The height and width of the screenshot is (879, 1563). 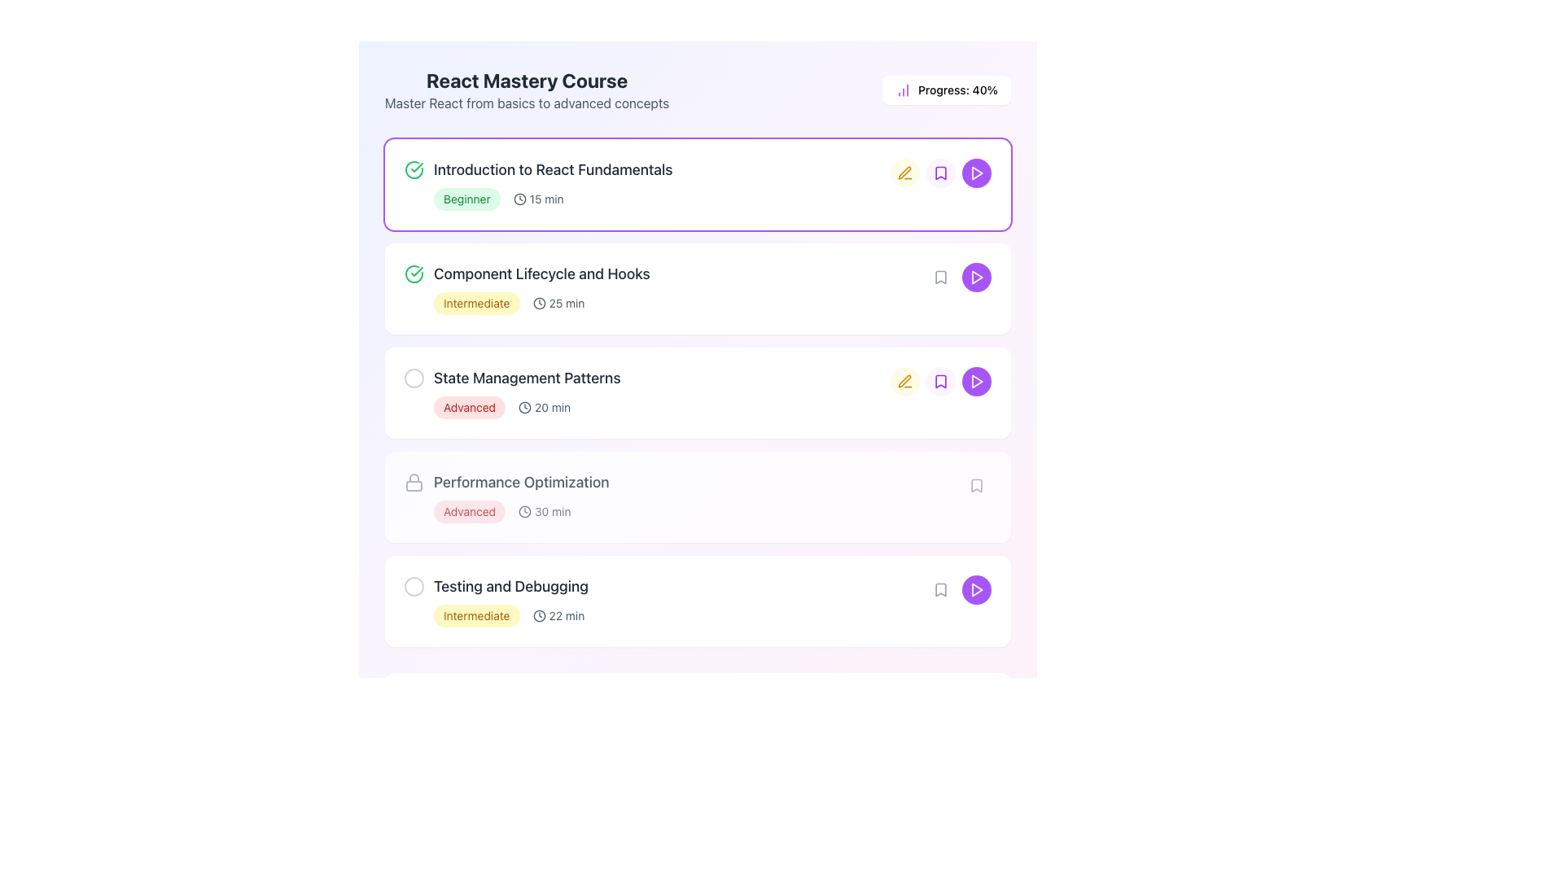 I want to click on information displayed in the Status indicator located in the top-right corner of the course progress overview section, which shows 'Progress: 40%' next to a purple histogram icon, so click(x=946, y=90).